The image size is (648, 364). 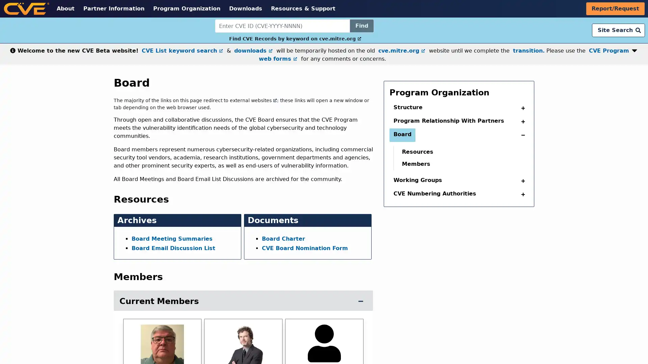 I want to click on Expand or collapse notification button, so click(x=634, y=49).